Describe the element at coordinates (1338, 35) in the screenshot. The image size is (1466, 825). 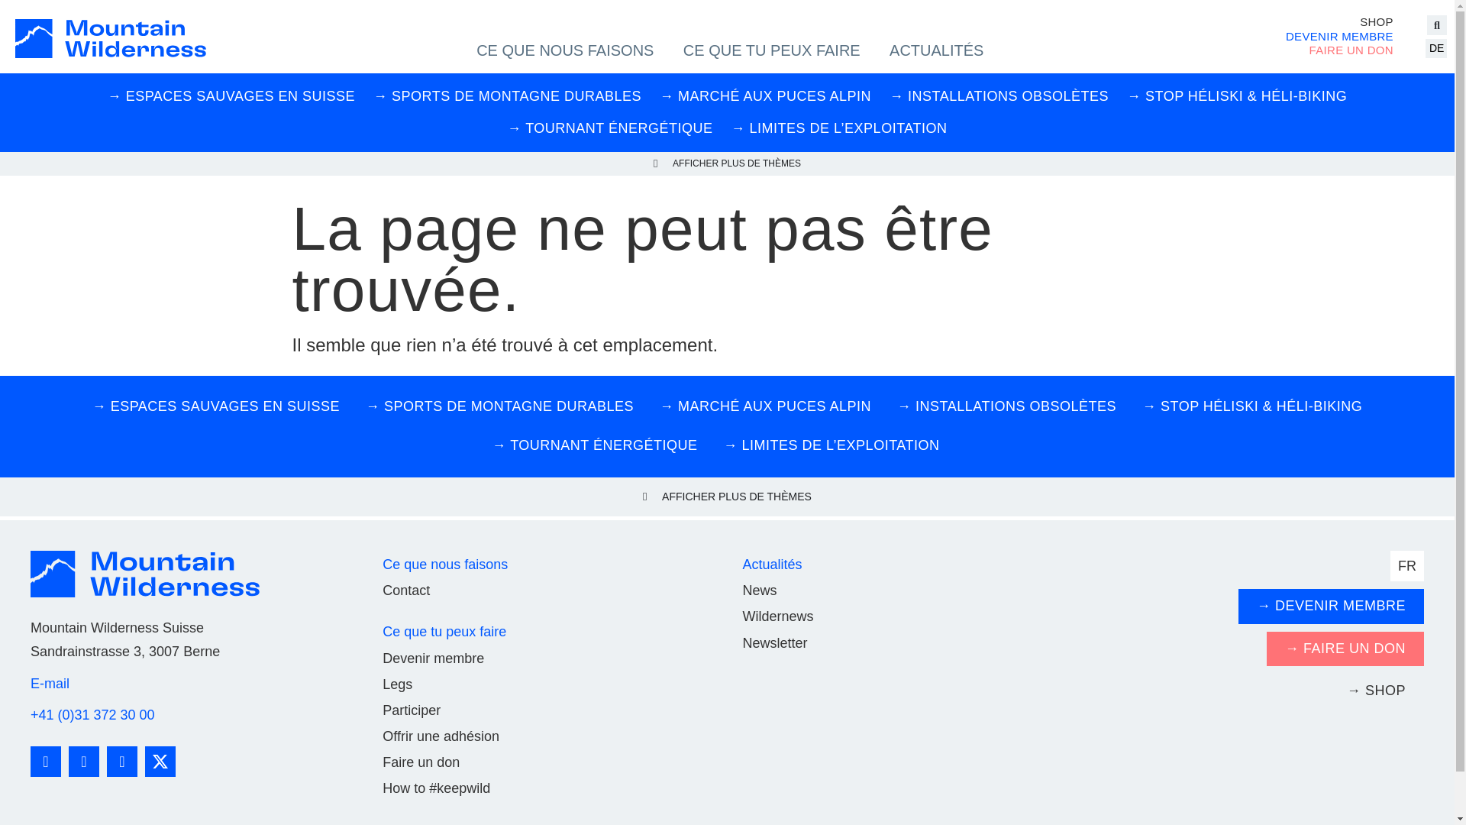
I see `'DEVENIR MEMBRE'` at that location.